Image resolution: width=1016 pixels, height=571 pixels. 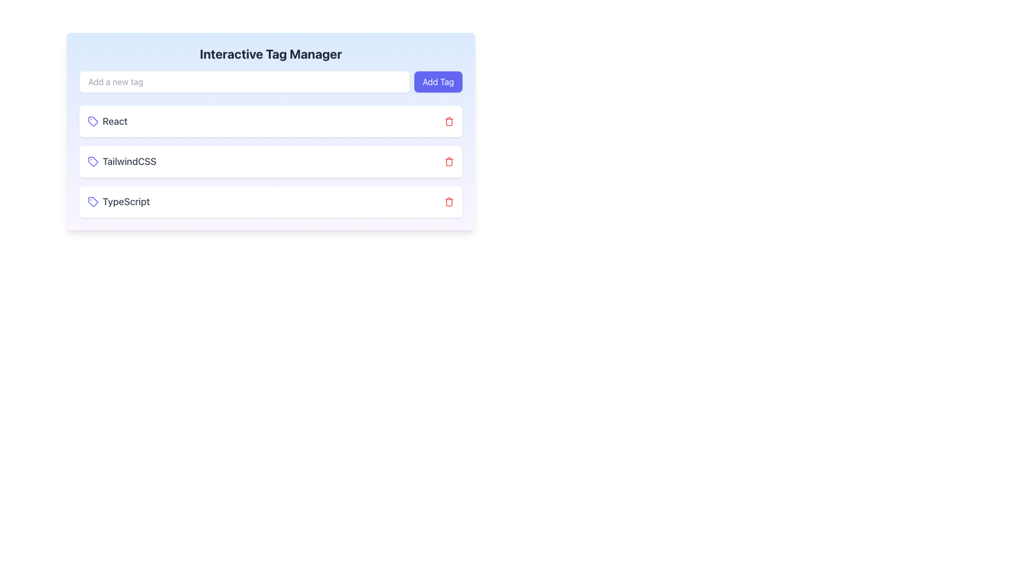 I want to click on the third delete icon, so click(x=449, y=201).